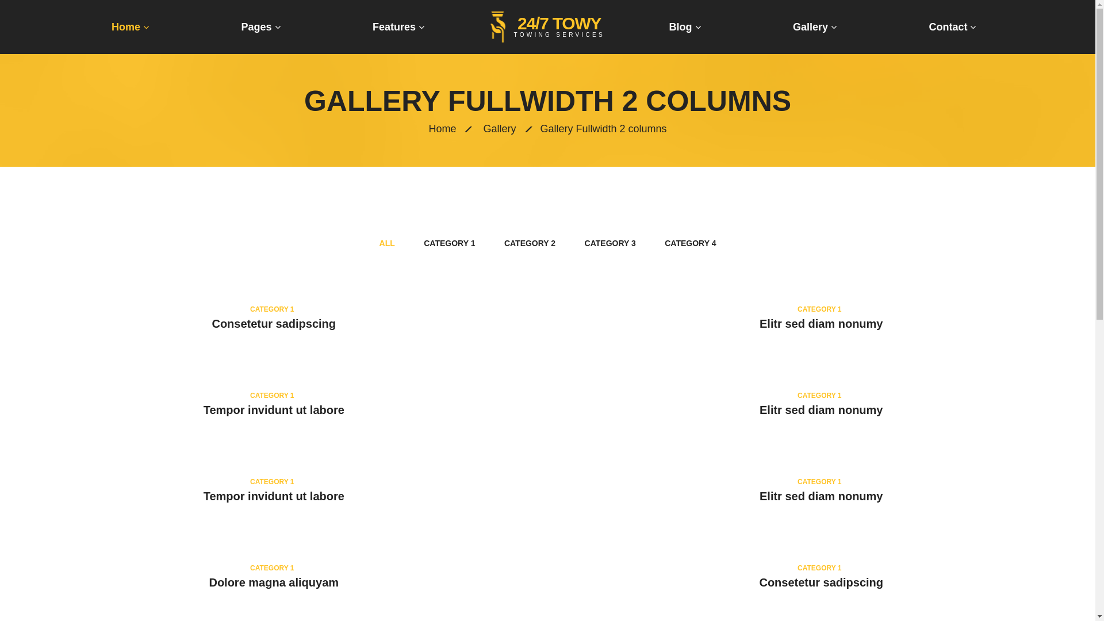  What do you see at coordinates (952, 26) in the screenshot?
I see `'Contact'` at bounding box center [952, 26].